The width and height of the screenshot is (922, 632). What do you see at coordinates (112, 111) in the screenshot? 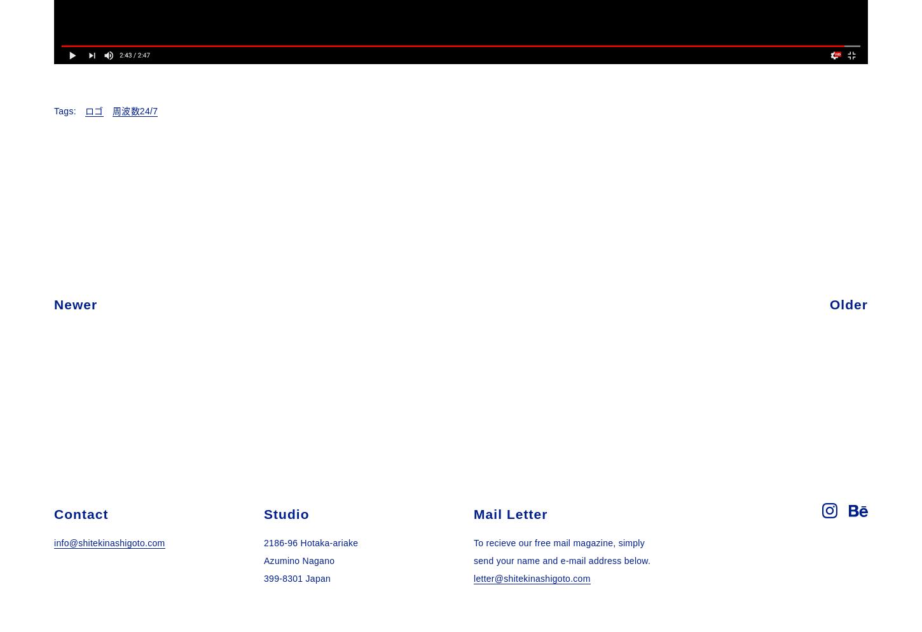
I see `'周波数24/7'` at bounding box center [112, 111].